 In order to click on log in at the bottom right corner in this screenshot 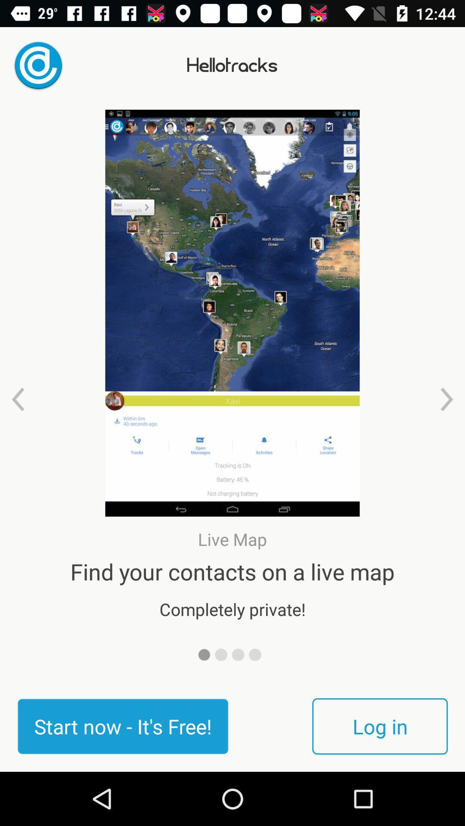, I will do `click(379, 726)`.